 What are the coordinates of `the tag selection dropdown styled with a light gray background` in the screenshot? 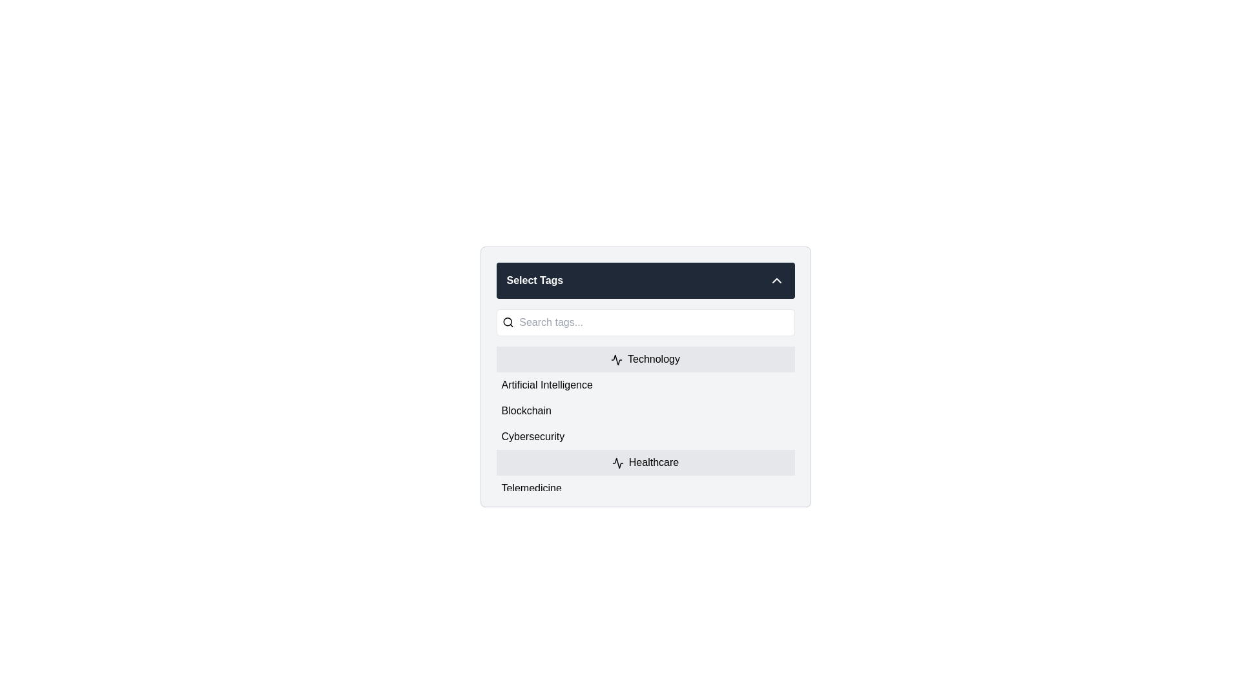 It's located at (645, 376).